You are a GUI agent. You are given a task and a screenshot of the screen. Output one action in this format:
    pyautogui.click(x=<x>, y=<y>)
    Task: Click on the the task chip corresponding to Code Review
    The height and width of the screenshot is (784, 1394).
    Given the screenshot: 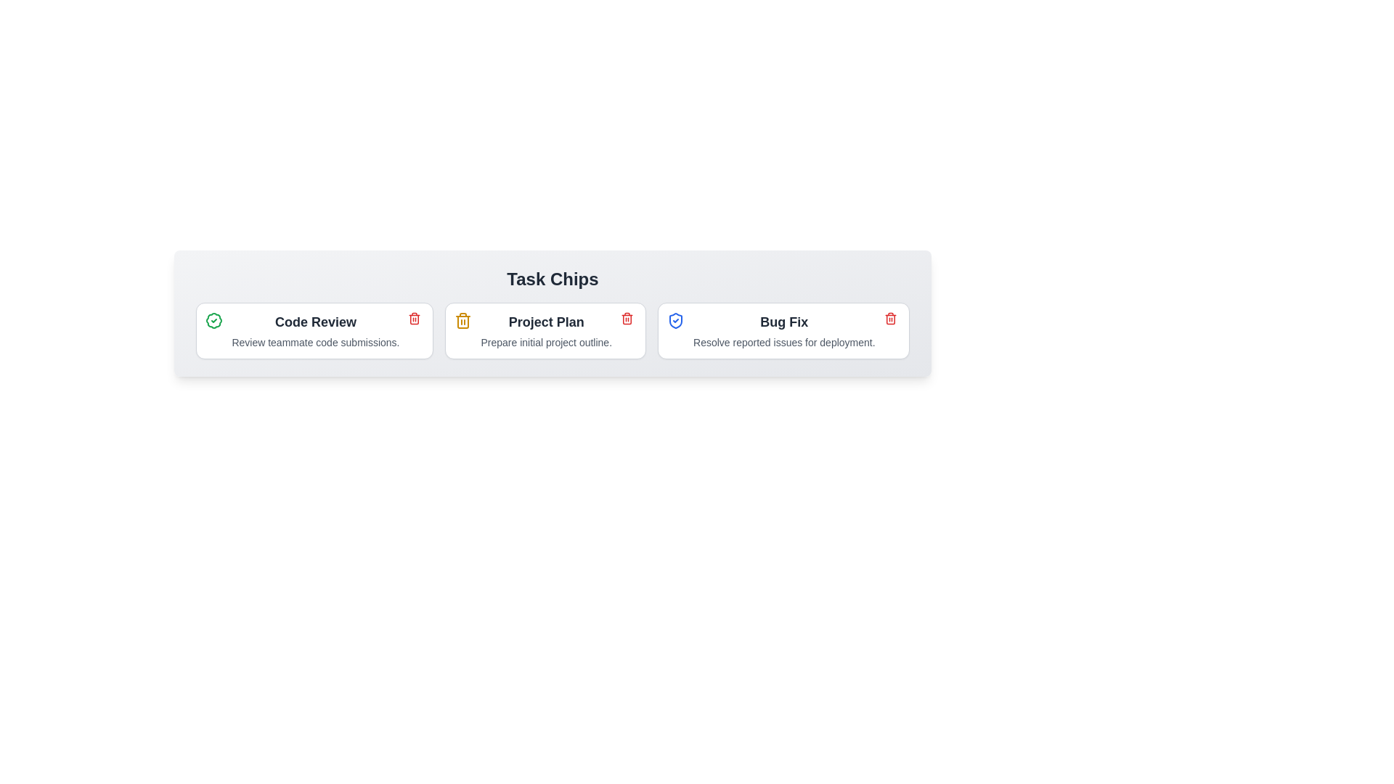 What is the action you would take?
    pyautogui.click(x=314, y=330)
    